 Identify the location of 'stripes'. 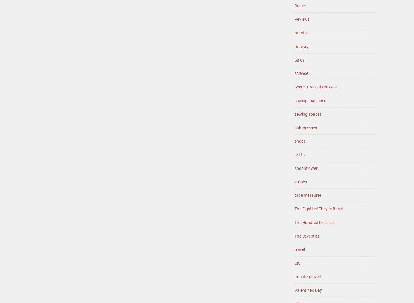
(300, 181).